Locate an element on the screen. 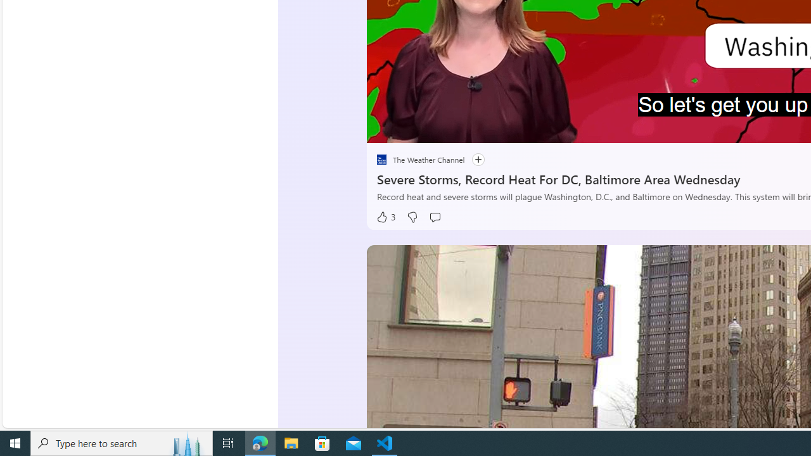  'placeholder The Weather Channel' is located at coordinates (420, 159).